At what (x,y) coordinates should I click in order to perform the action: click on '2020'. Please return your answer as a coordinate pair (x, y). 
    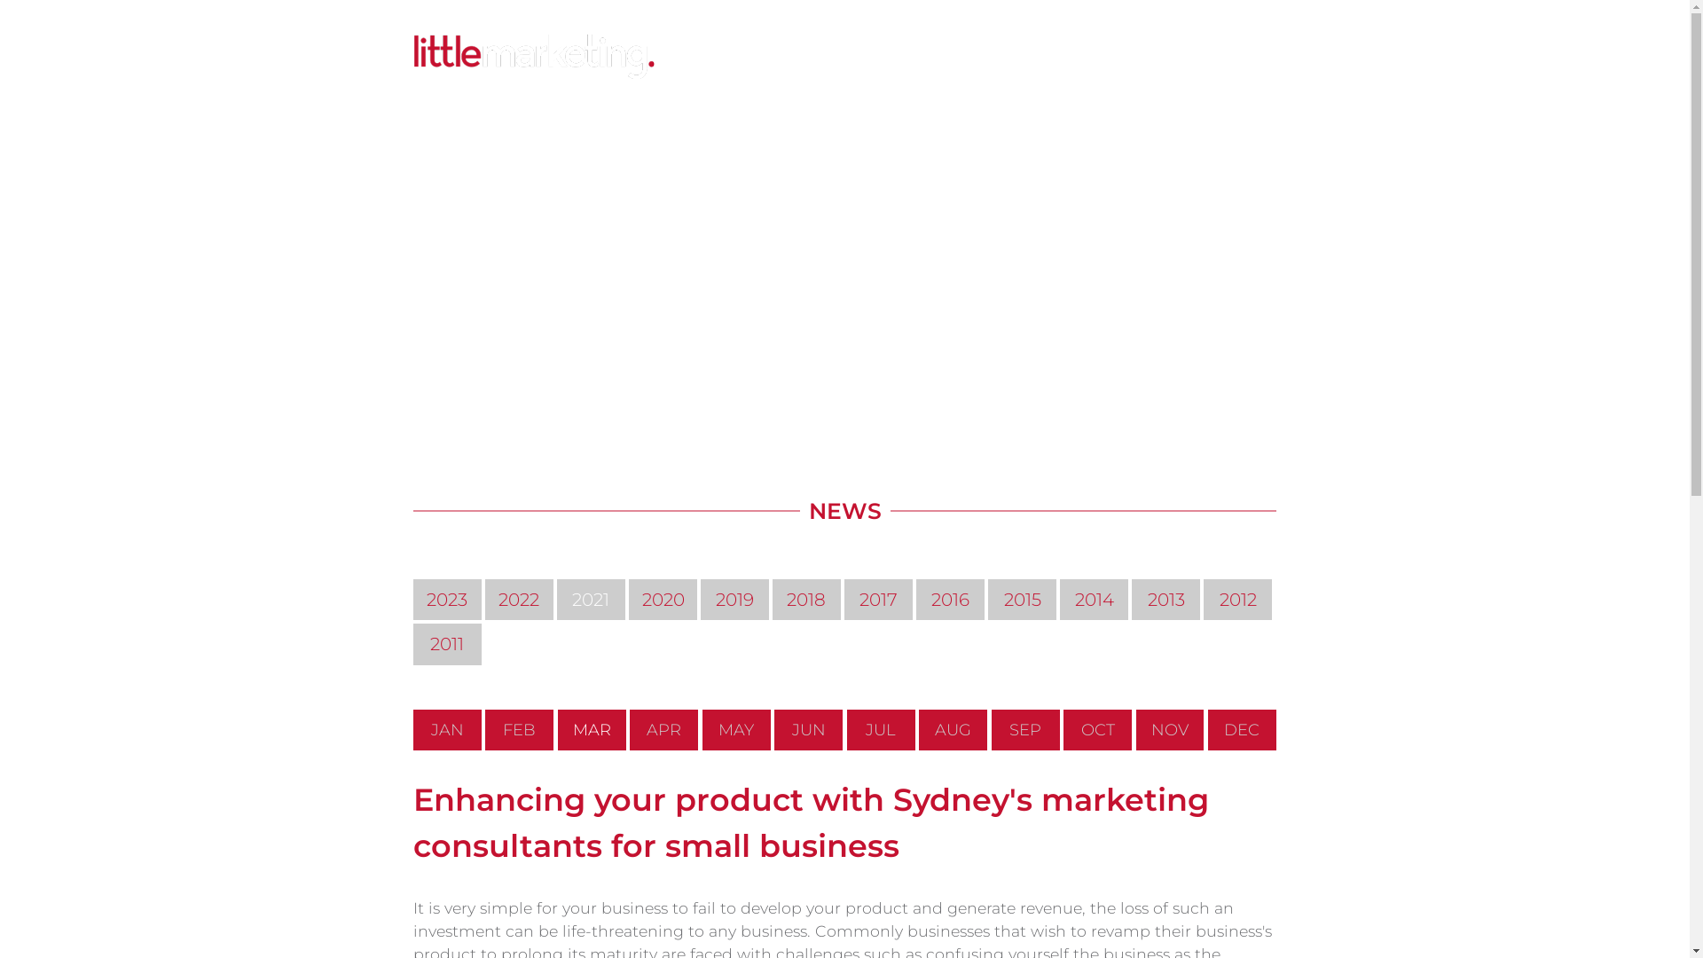
    Looking at the image, I should click on (662, 599).